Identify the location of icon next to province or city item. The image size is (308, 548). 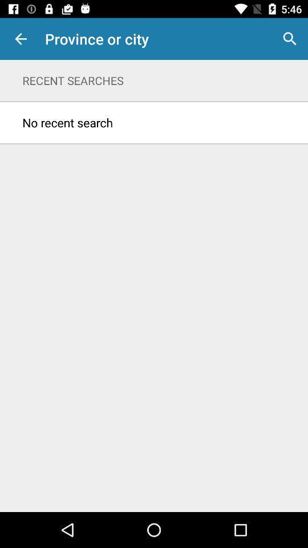
(290, 39).